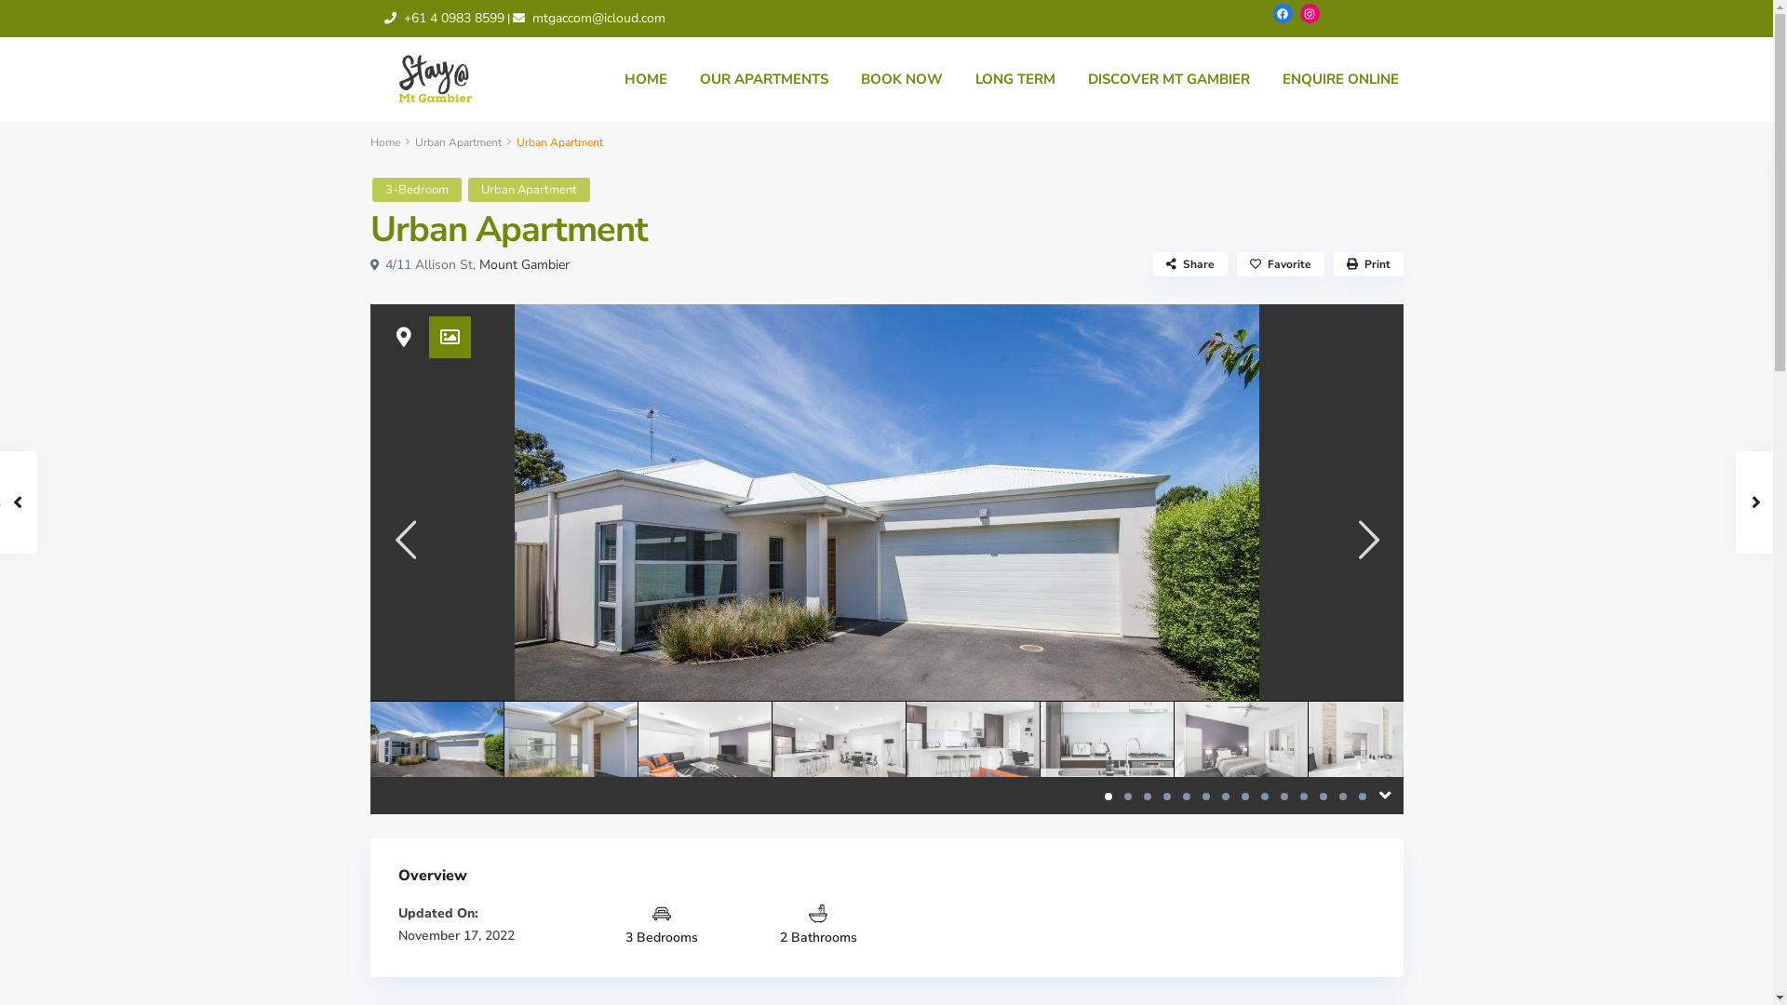  I want to click on 'Home', so click(383, 141).